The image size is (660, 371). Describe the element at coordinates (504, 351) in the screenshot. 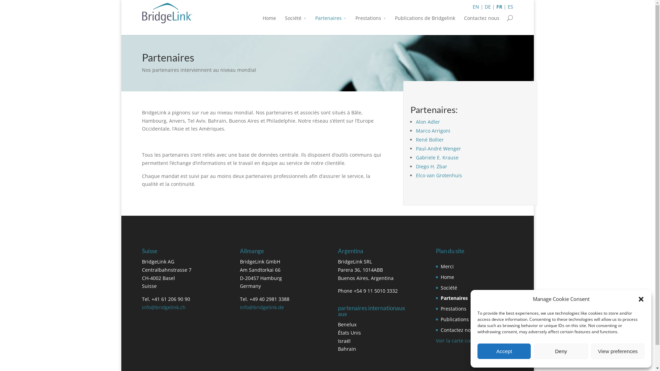

I see `'Accept'` at that location.